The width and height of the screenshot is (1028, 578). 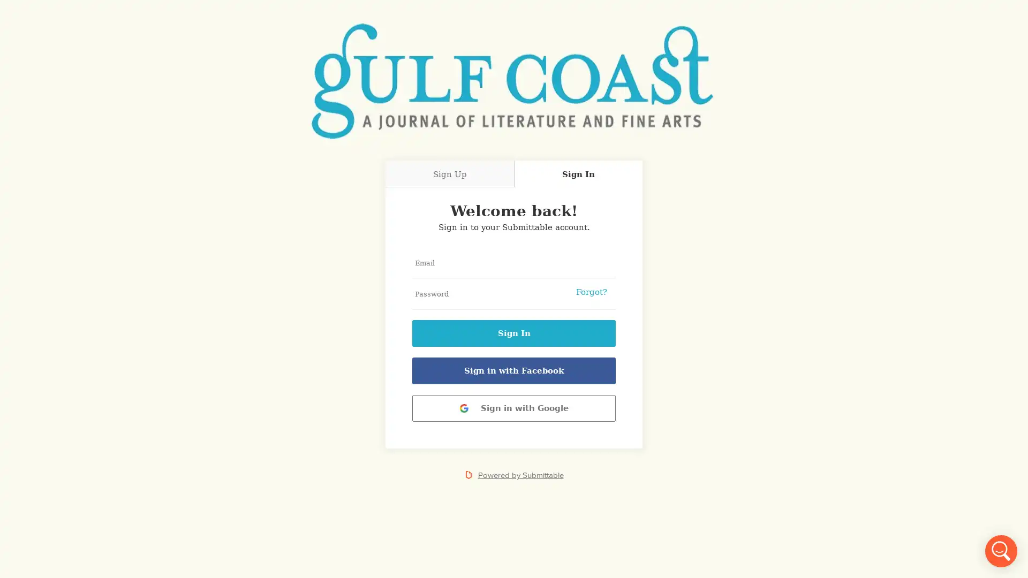 What do you see at coordinates (514, 333) in the screenshot?
I see `Sign In` at bounding box center [514, 333].